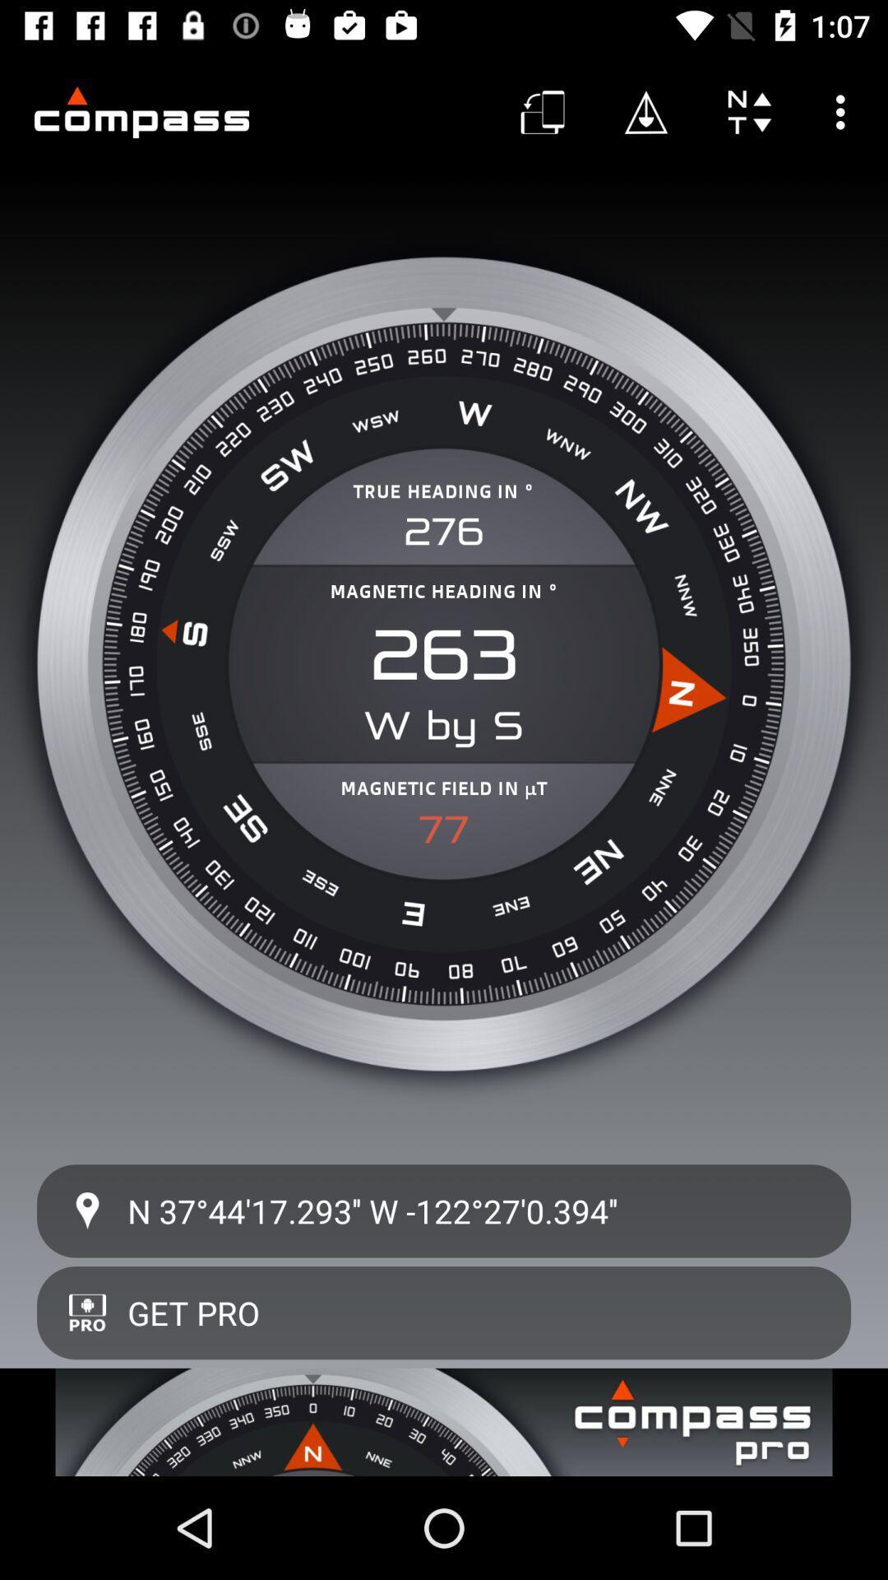  Describe the element at coordinates (444, 1421) in the screenshot. I see `advertisement` at that location.